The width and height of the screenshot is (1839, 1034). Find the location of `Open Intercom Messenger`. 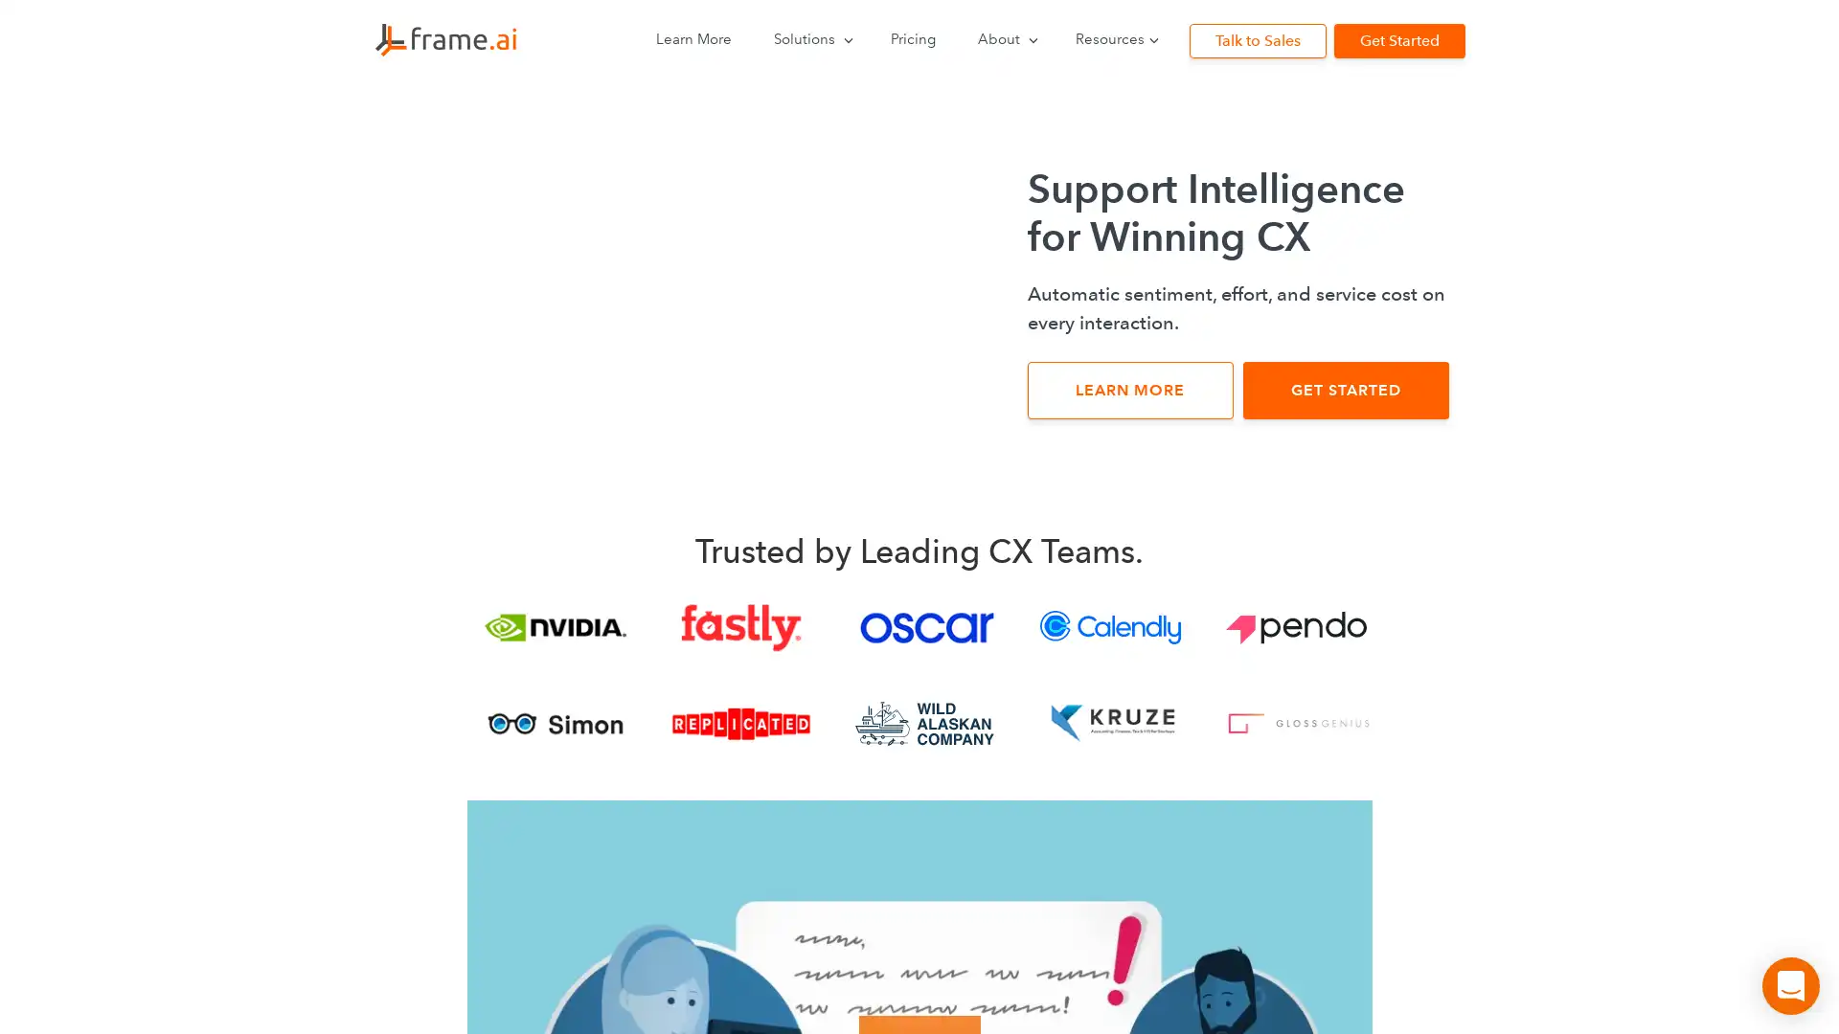

Open Intercom Messenger is located at coordinates (1790, 985).